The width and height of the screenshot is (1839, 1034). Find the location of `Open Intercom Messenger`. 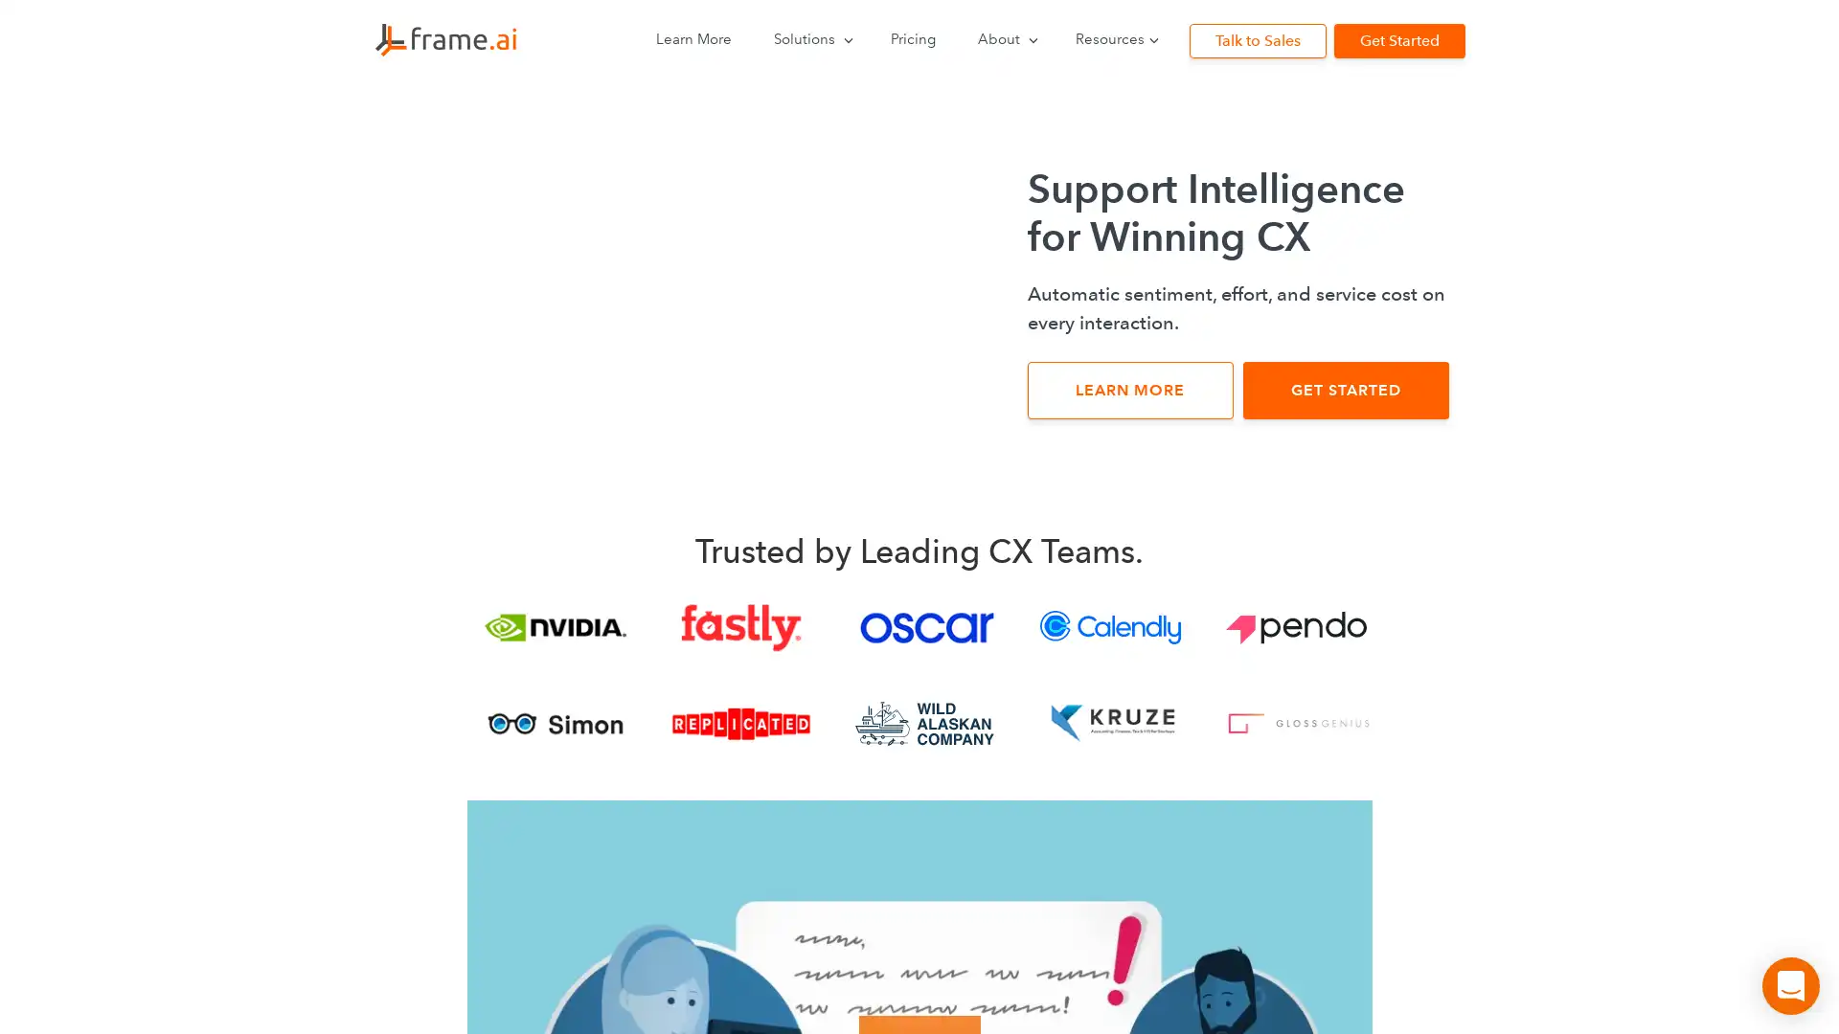

Open Intercom Messenger is located at coordinates (1790, 985).